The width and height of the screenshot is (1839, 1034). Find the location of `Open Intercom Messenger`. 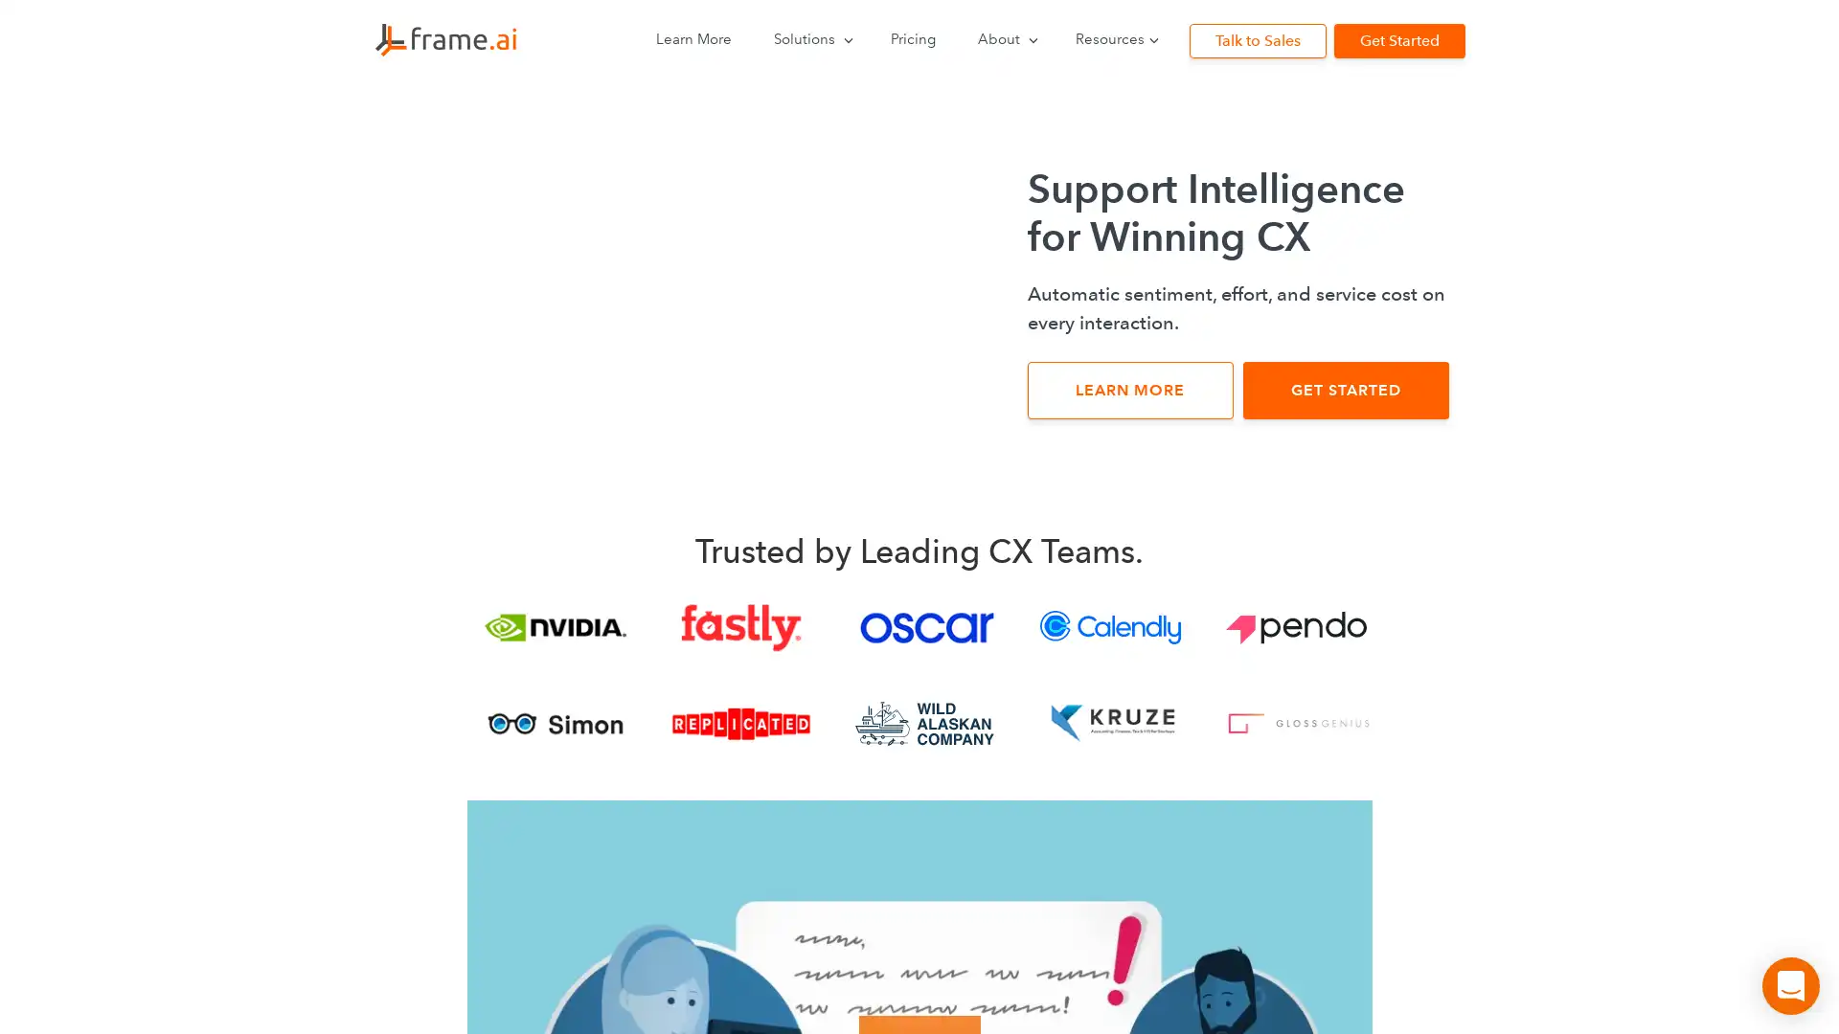

Open Intercom Messenger is located at coordinates (1790, 985).